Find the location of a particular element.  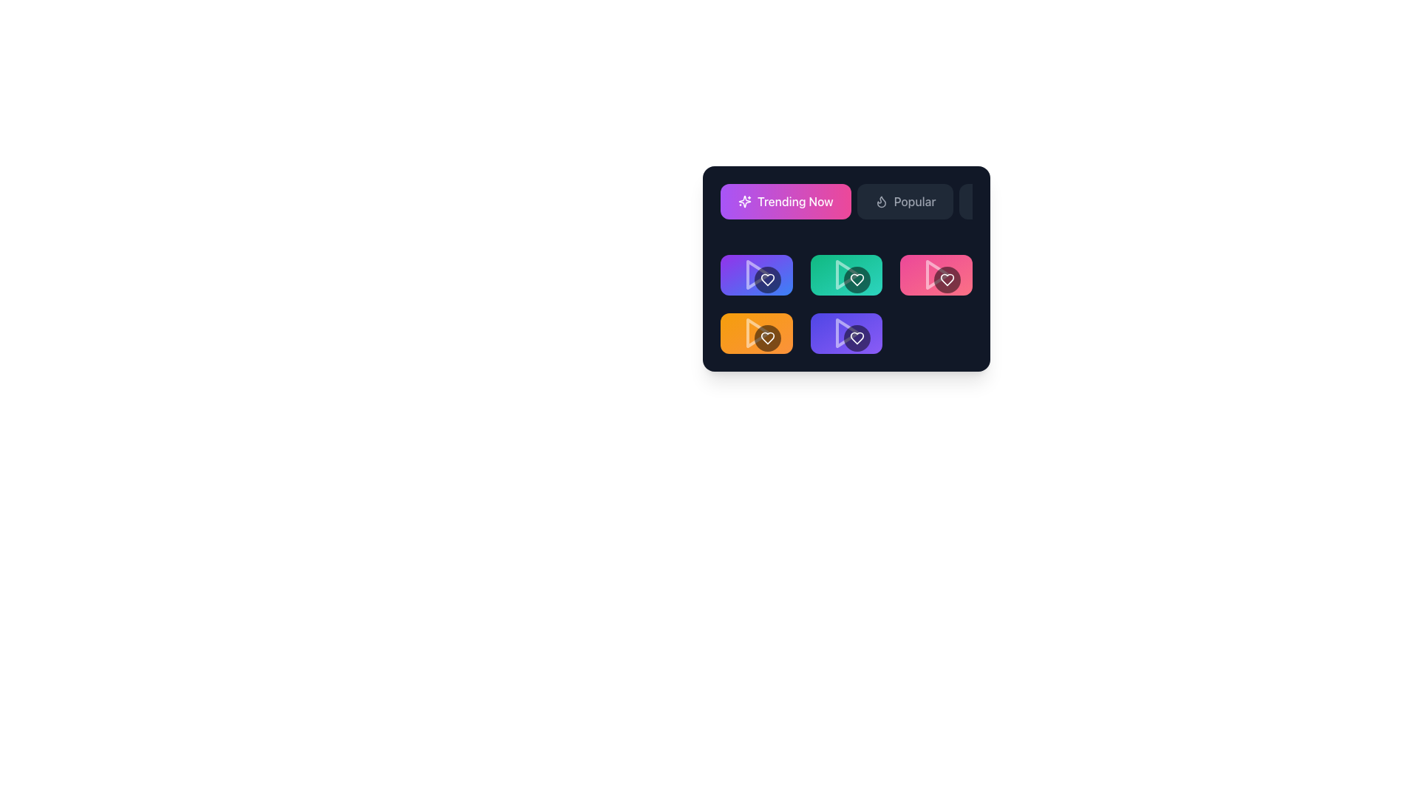

the heart-shaped icon located in the sixth colored card with an orange background is located at coordinates (767, 338).